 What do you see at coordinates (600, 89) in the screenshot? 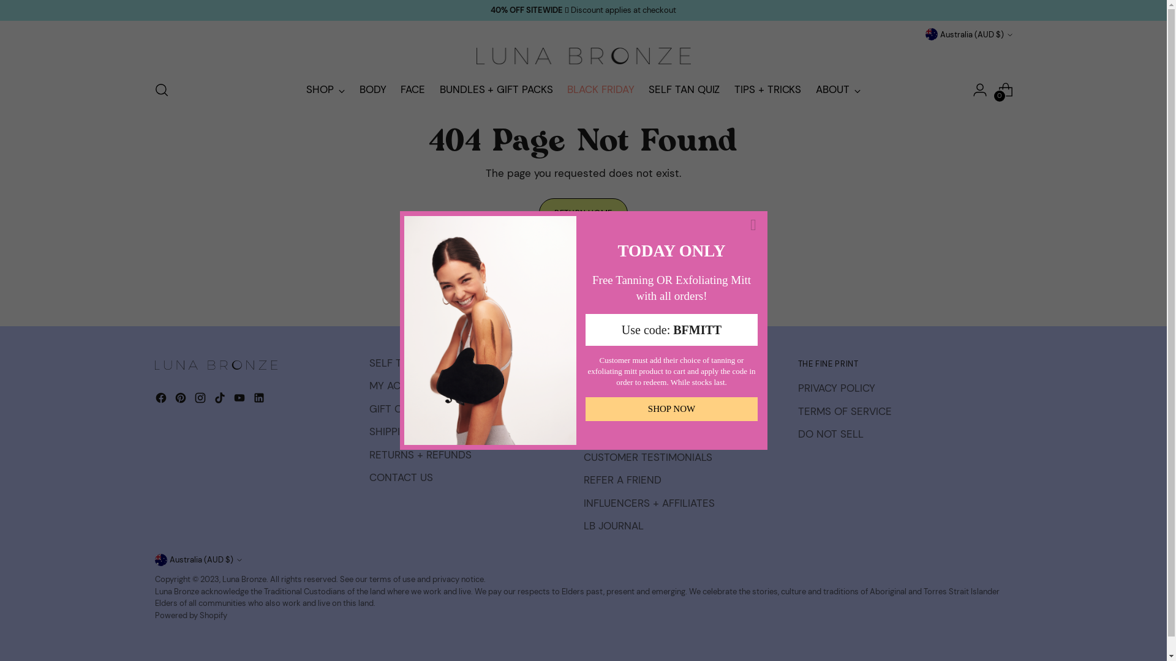
I see `'BLACK FRIDAY'` at bounding box center [600, 89].